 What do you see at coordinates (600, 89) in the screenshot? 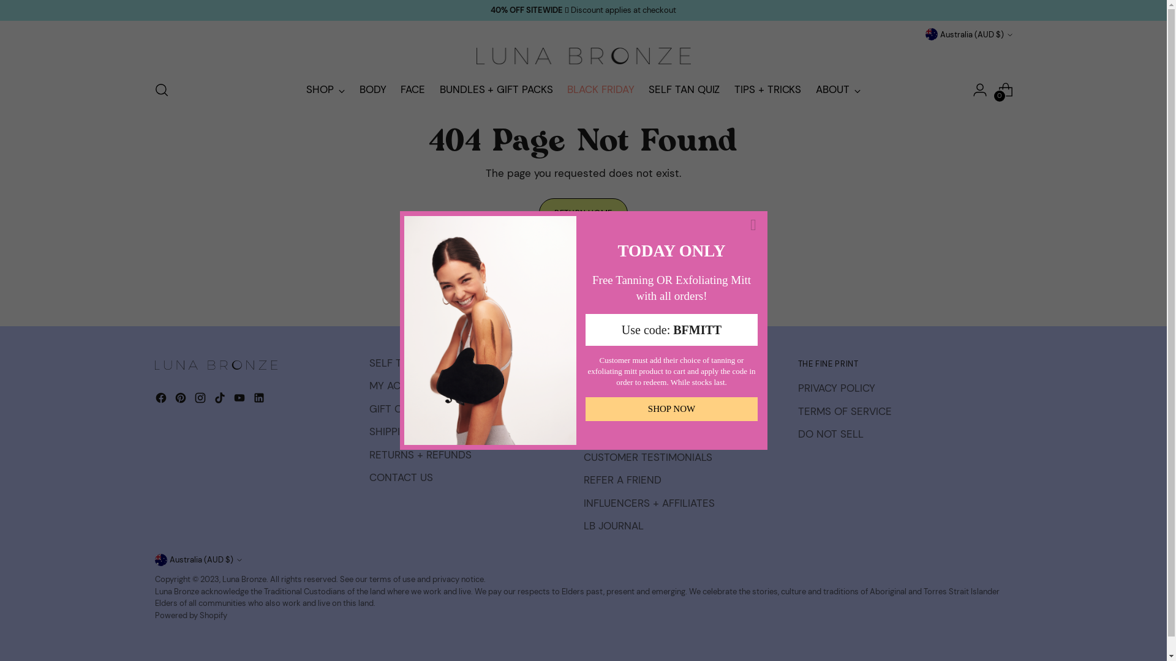
I see `'BLACK FRIDAY'` at bounding box center [600, 89].